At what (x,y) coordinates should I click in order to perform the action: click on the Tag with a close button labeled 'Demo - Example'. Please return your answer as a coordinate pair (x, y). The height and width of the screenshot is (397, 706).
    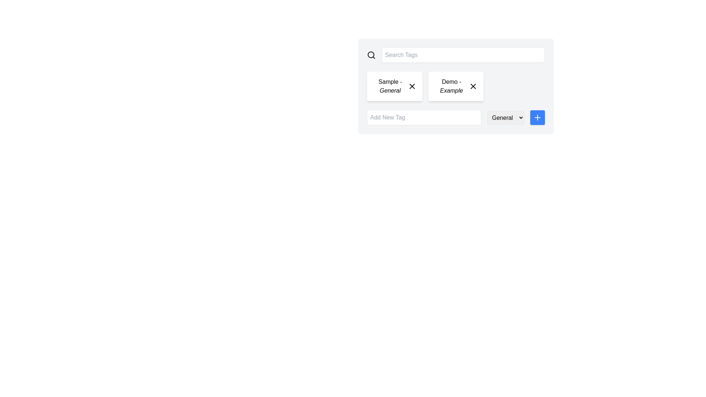
    Looking at the image, I should click on (455, 86).